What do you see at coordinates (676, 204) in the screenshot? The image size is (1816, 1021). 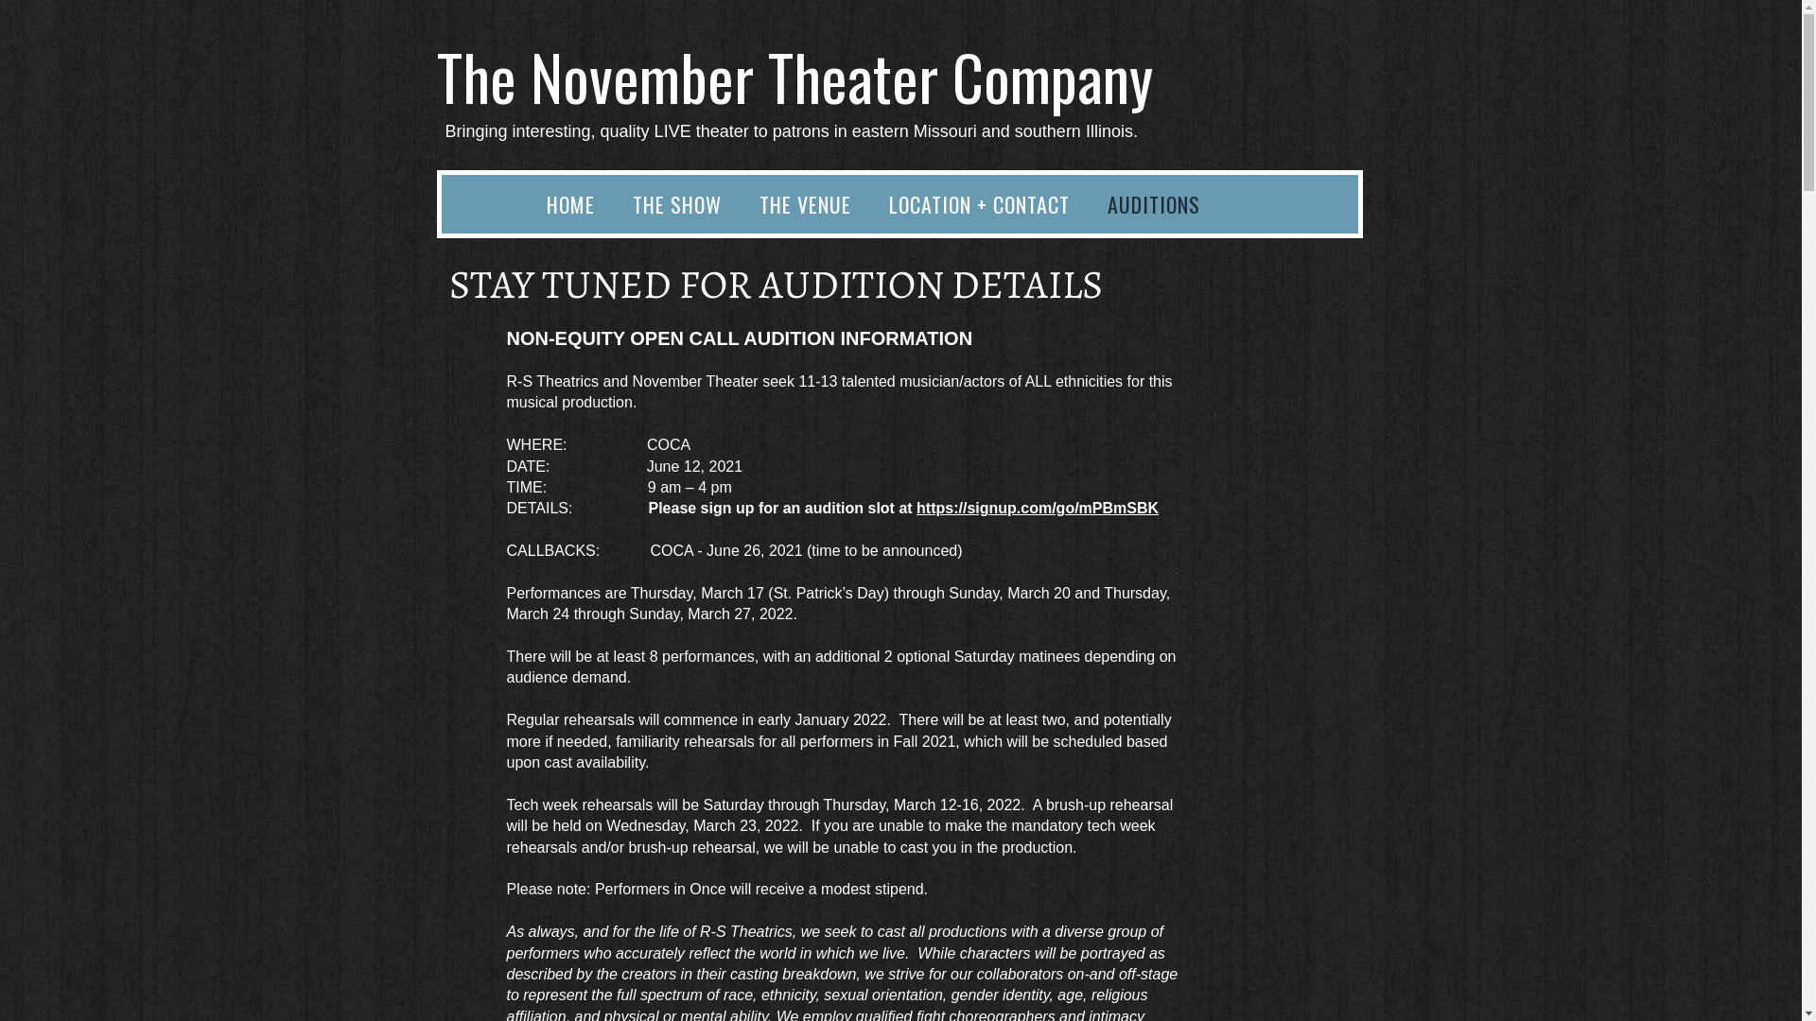 I see `'THE SHOW'` at bounding box center [676, 204].